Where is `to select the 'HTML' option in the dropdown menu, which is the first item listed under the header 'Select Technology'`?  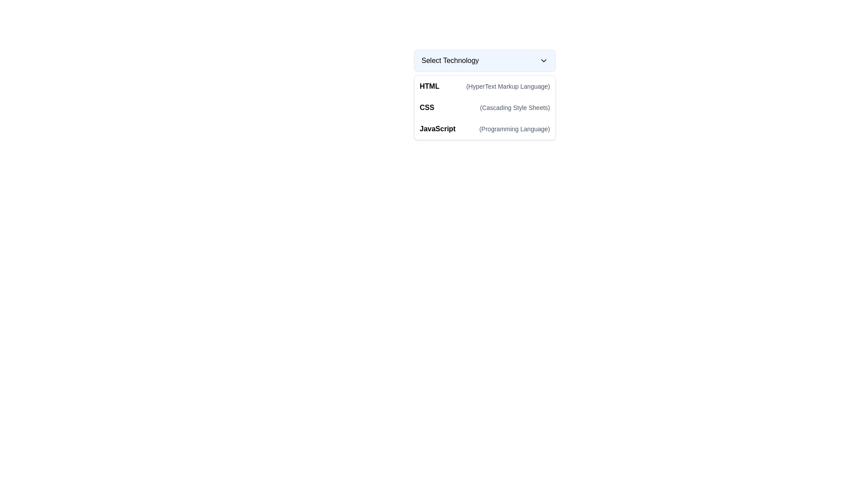
to select the 'HTML' option in the dropdown menu, which is the first item listed under the header 'Select Technology' is located at coordinates (484, 86).